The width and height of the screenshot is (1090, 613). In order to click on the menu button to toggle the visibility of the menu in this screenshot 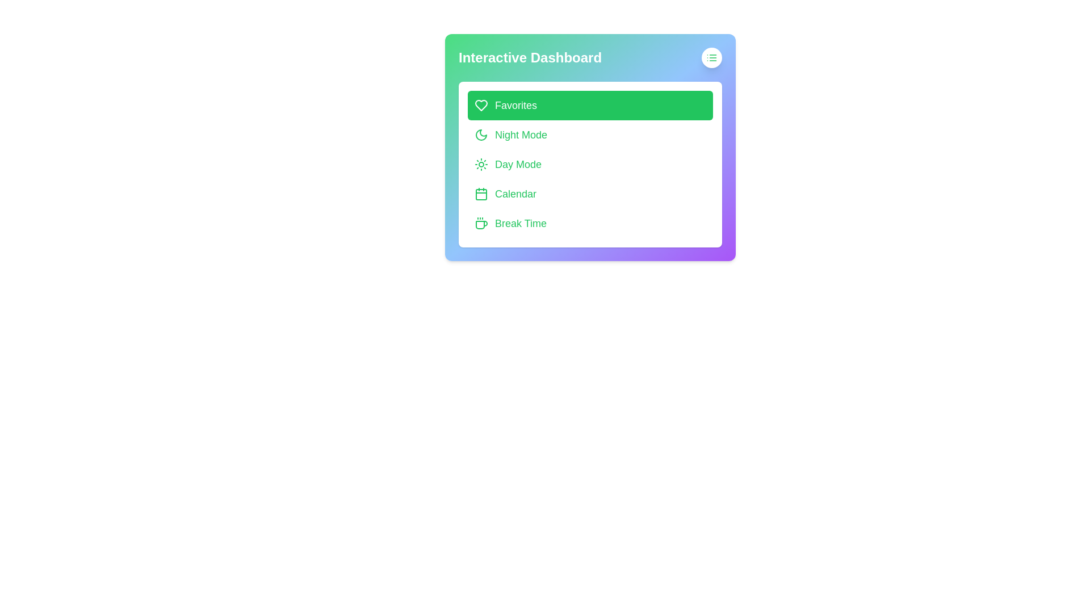, I will do `click(711, 57)`.